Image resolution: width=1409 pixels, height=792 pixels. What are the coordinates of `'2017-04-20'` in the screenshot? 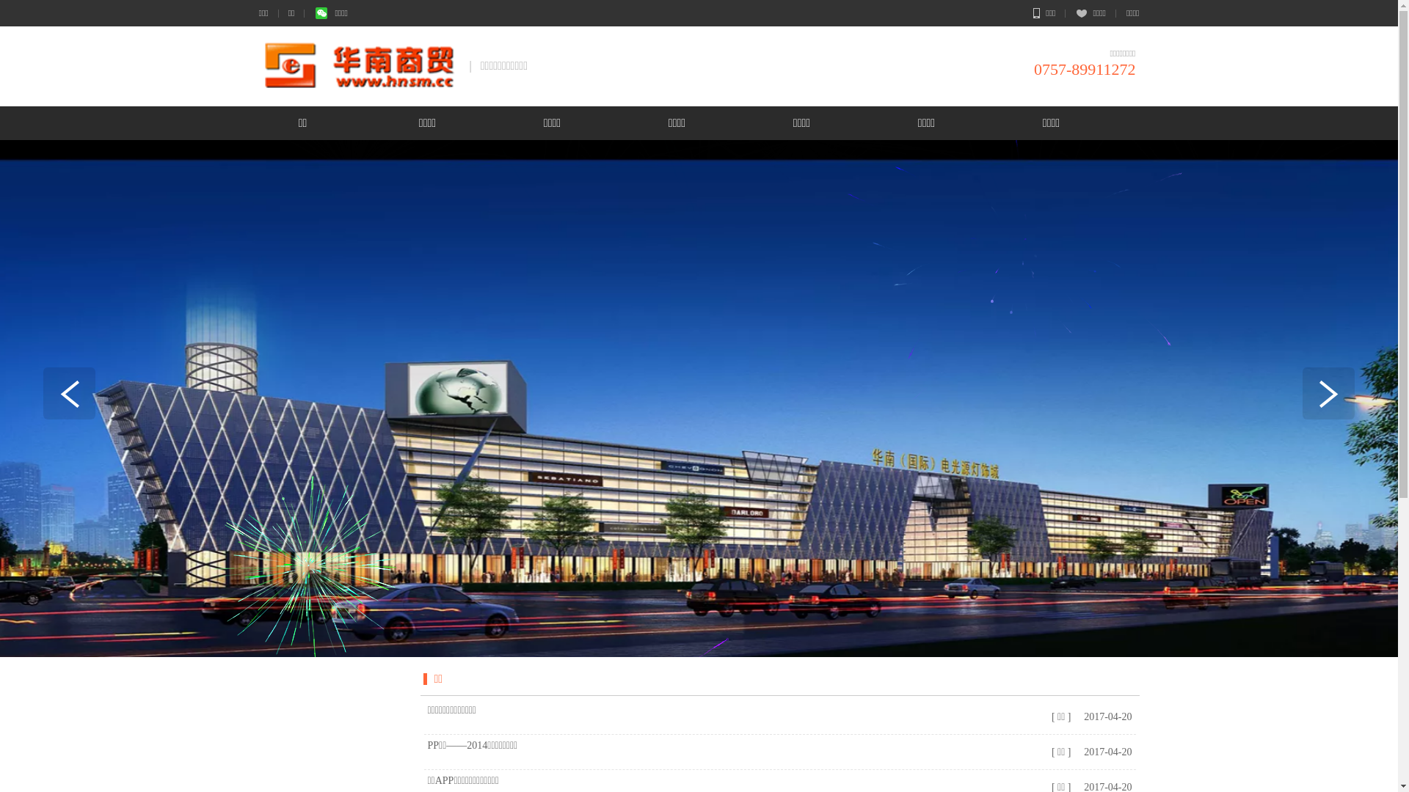 It's located at (1080, 716).